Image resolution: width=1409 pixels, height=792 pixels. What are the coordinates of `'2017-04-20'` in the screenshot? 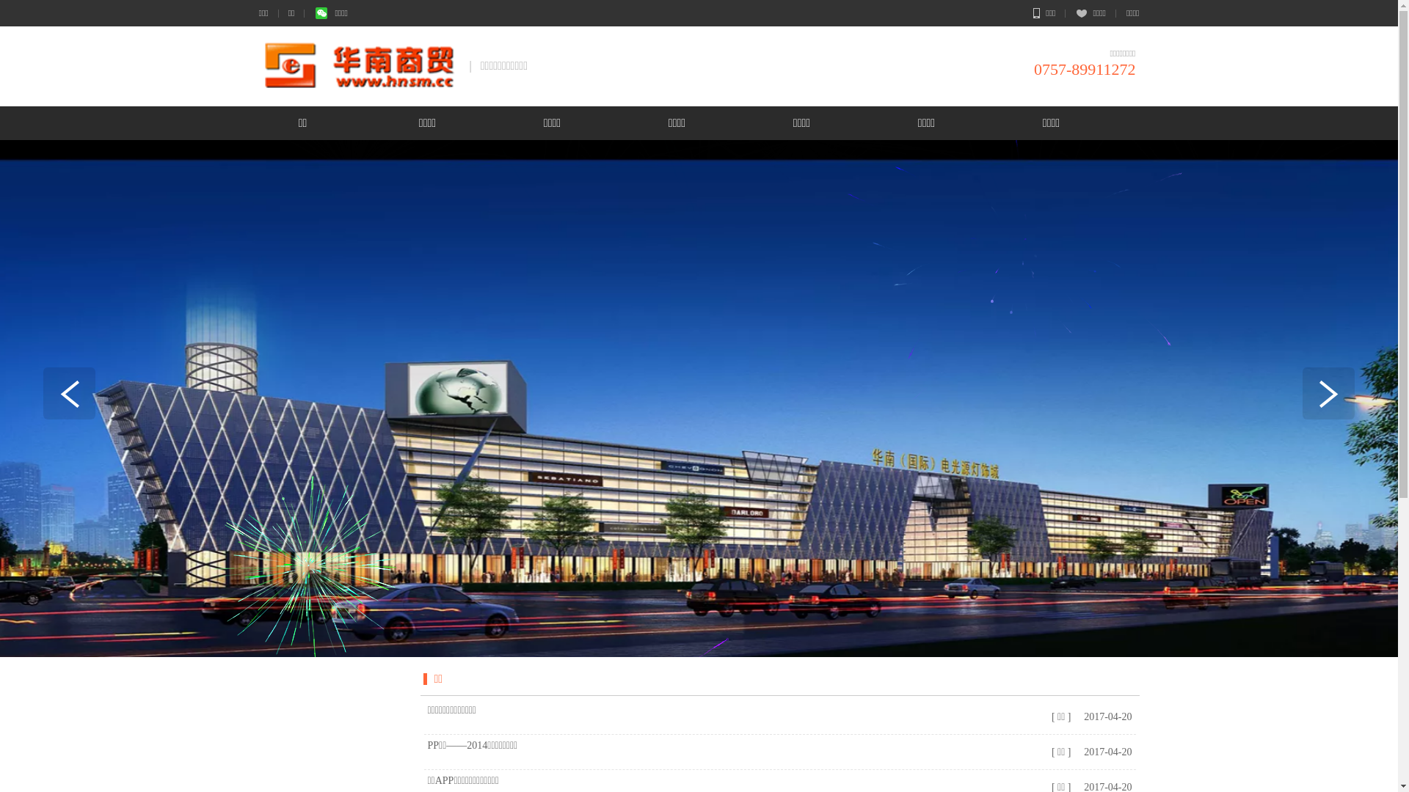 It's located at (1080, 716).